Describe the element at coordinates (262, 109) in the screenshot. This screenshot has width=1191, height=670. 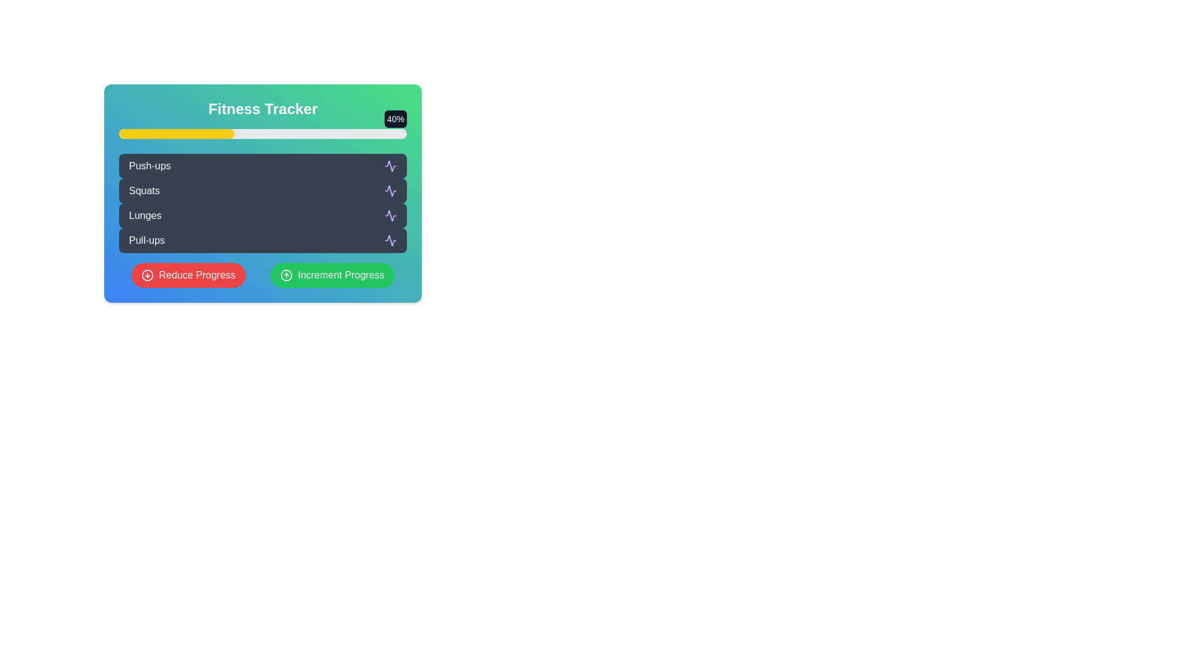
I see `the fitness tracking title text label located at the top-center of the gradient card element` at that location.